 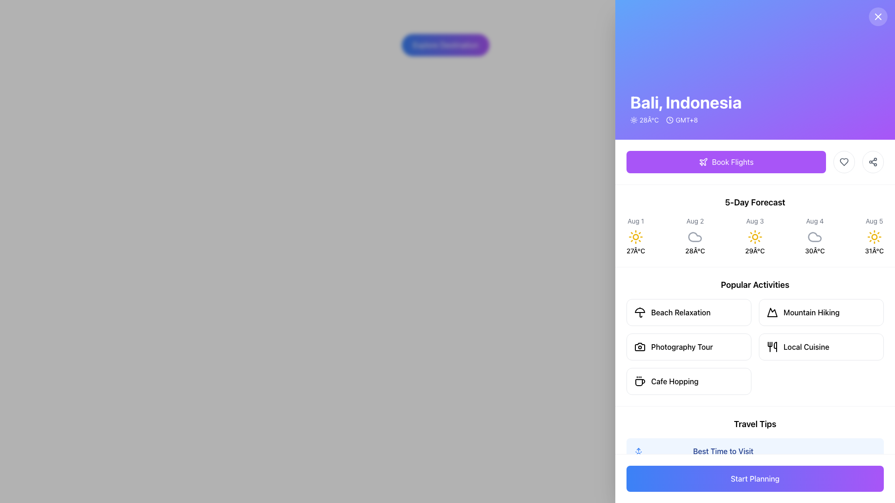 What do you see at coordinates (686, 120) in the screenshot?
I see `the static display text showing the current temperature and time zone information located directly below the title 'Bali, Indonesia'` at bounding box center [686, 120].